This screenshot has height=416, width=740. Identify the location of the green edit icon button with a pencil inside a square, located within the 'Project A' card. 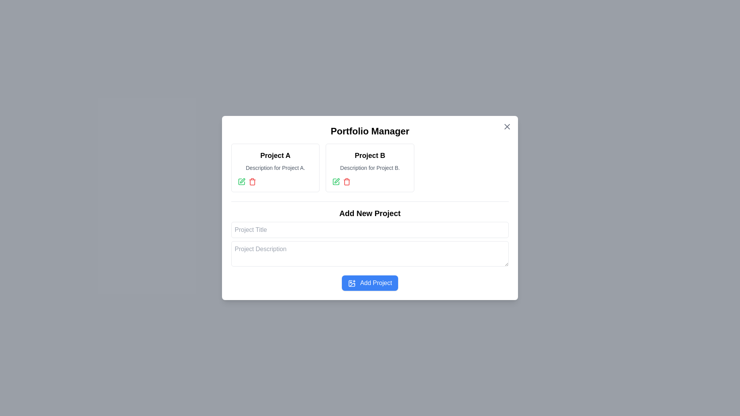
(336, 181).